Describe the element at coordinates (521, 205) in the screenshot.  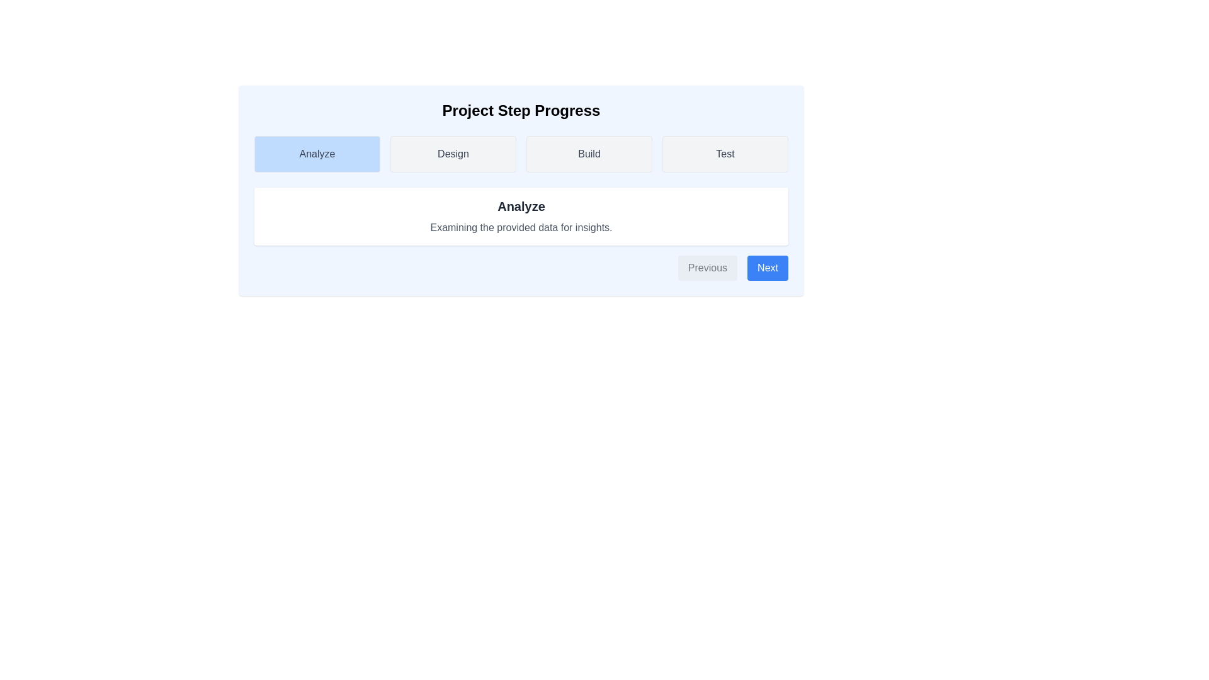
I see `the title text element that indicates the current section or step, located centrally under the navigation bar labeled 'Project Step Progress'` at that location.